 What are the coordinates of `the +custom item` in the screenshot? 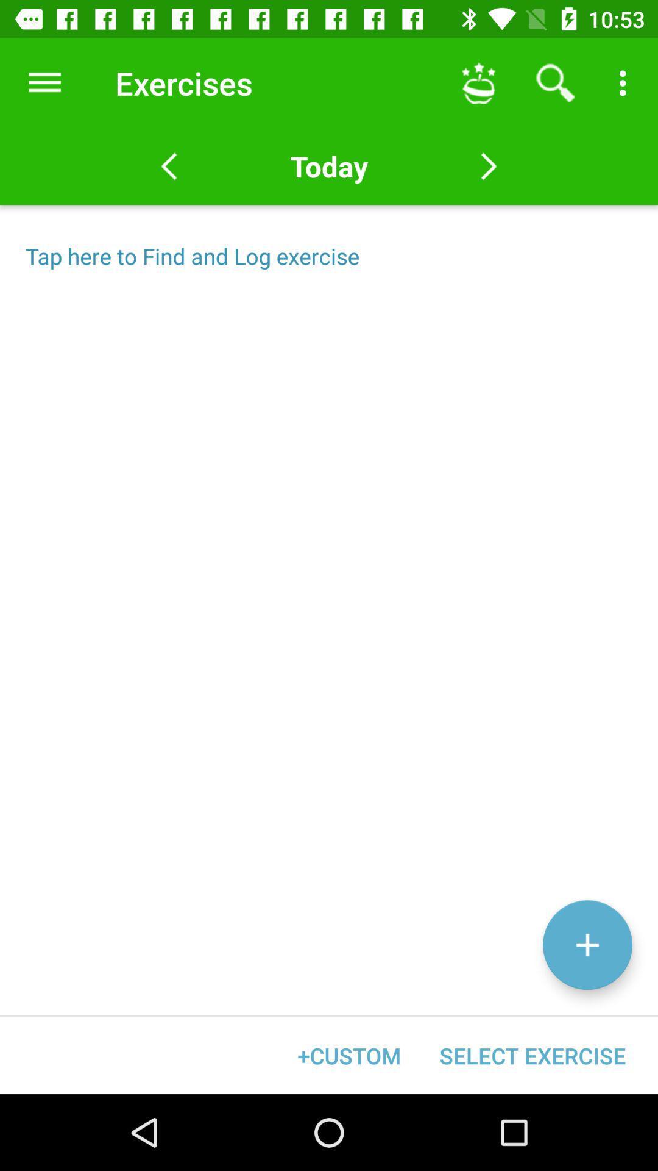 It's located at (349, 1055).